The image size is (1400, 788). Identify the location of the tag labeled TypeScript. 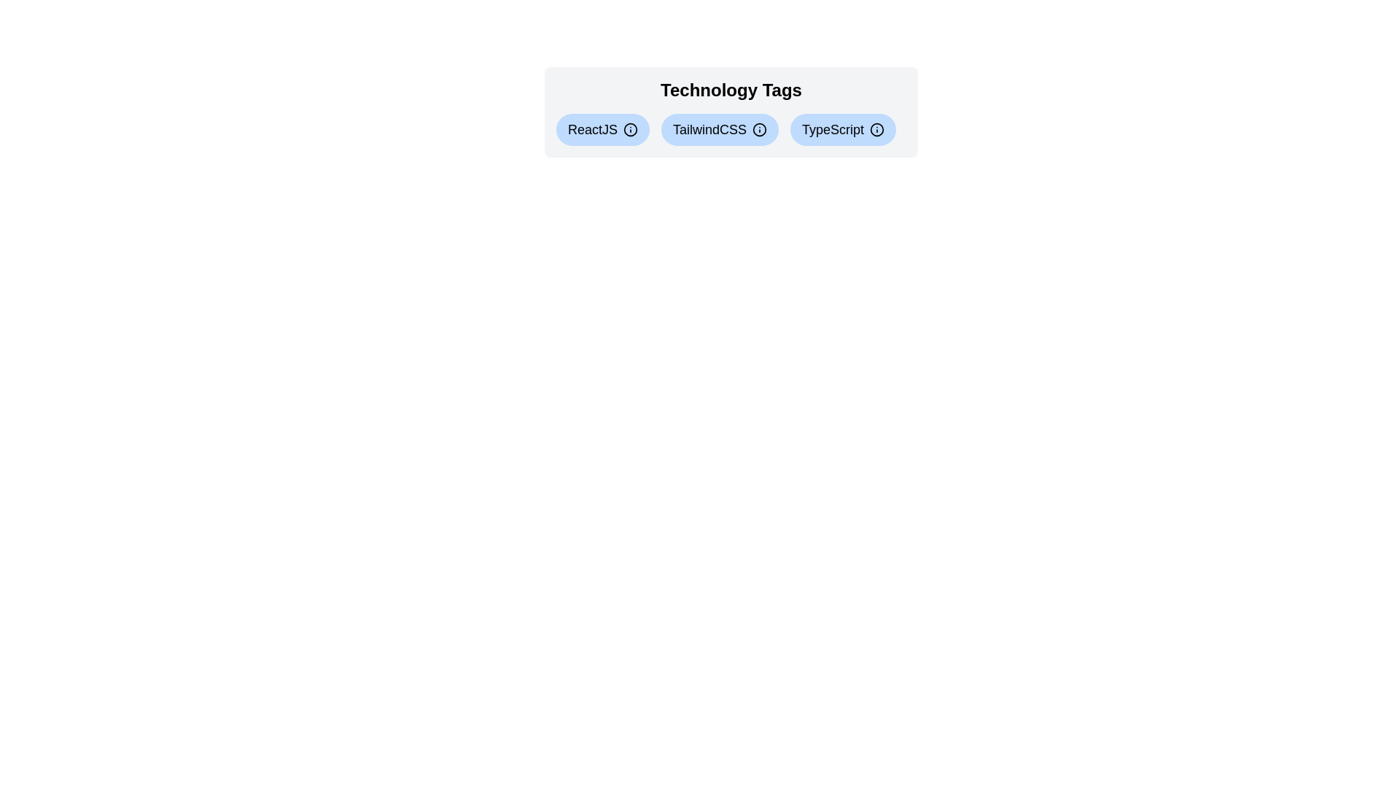
(843, 128).